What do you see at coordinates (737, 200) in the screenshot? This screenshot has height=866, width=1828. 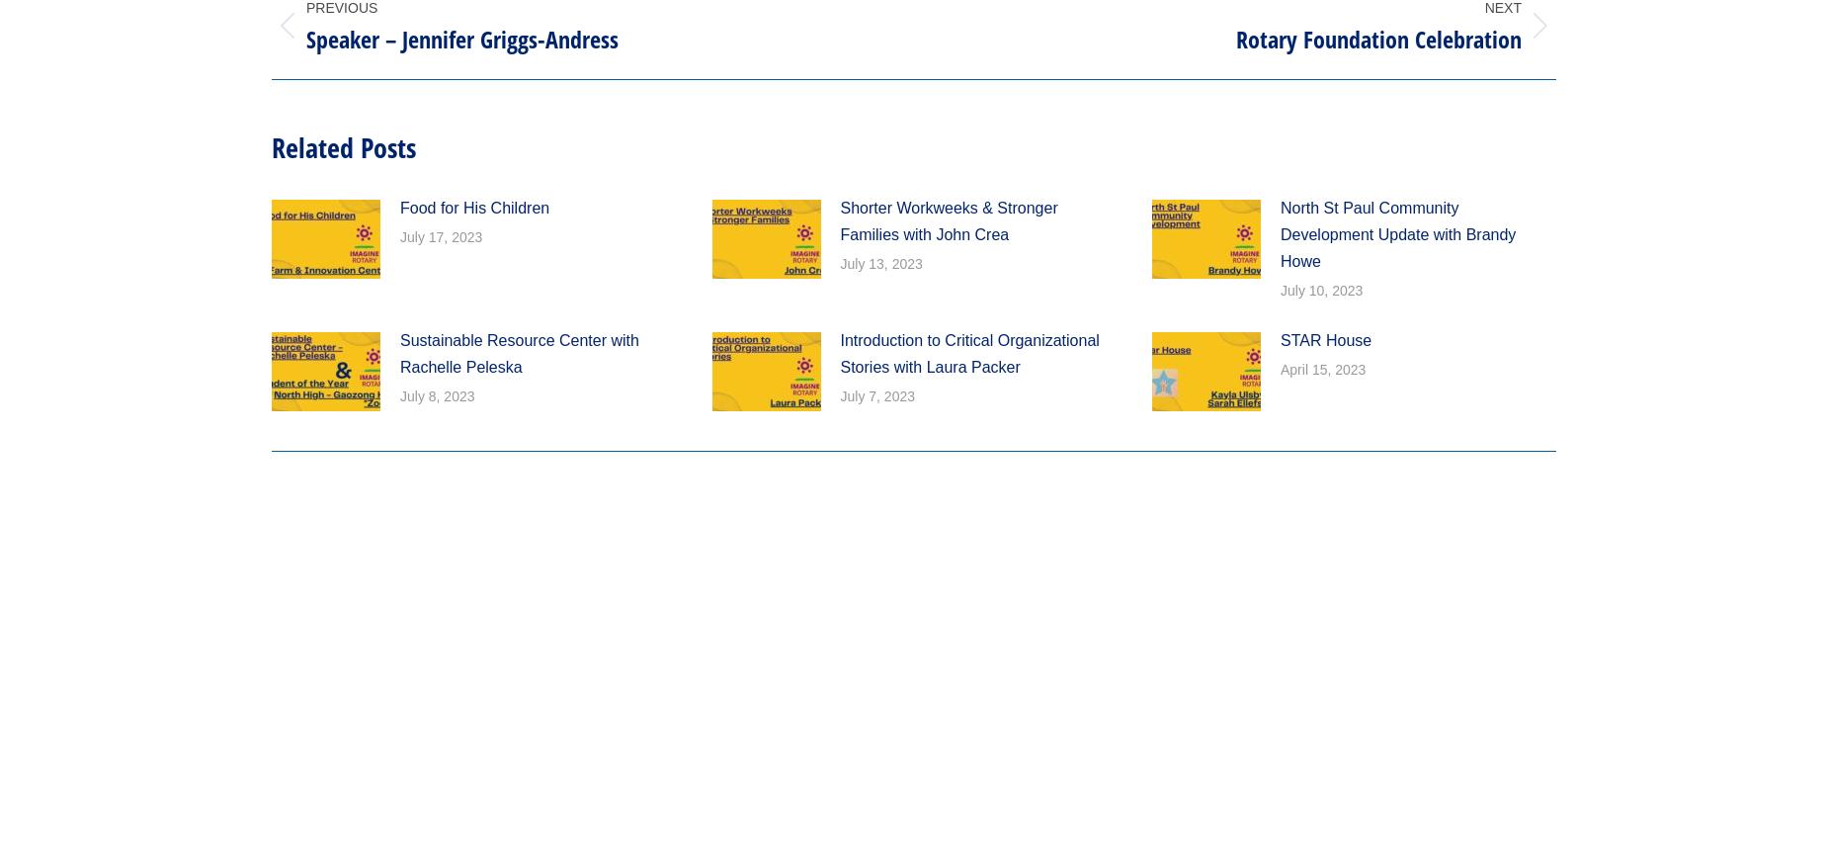 I see `'Cookie Policy'` at bounding box center [737, 200].